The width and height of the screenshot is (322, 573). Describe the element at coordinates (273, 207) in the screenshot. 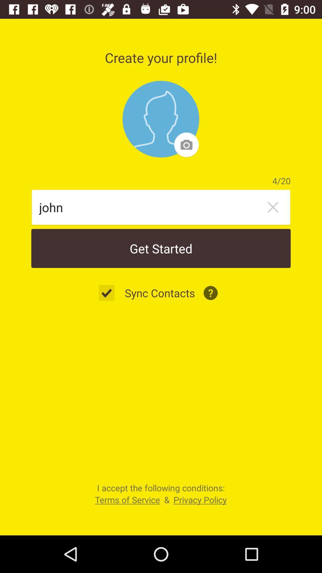

I see `item next to john icon` at that location.